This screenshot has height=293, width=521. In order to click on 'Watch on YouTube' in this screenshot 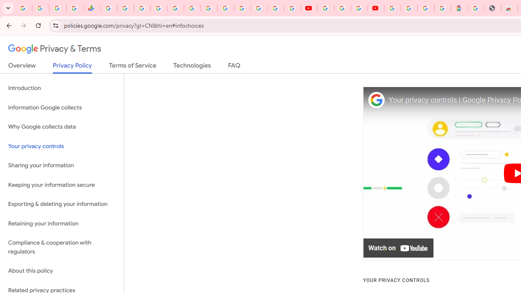, I will do `click(398, 248)`.